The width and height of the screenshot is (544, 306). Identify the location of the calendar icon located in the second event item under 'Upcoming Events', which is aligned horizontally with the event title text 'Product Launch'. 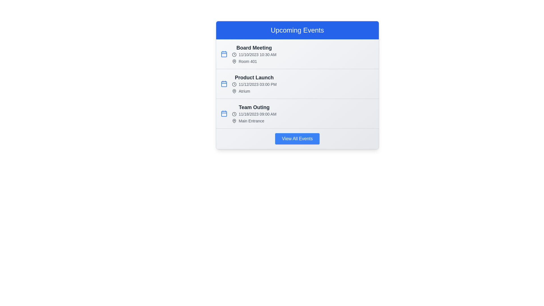
(224, 84).